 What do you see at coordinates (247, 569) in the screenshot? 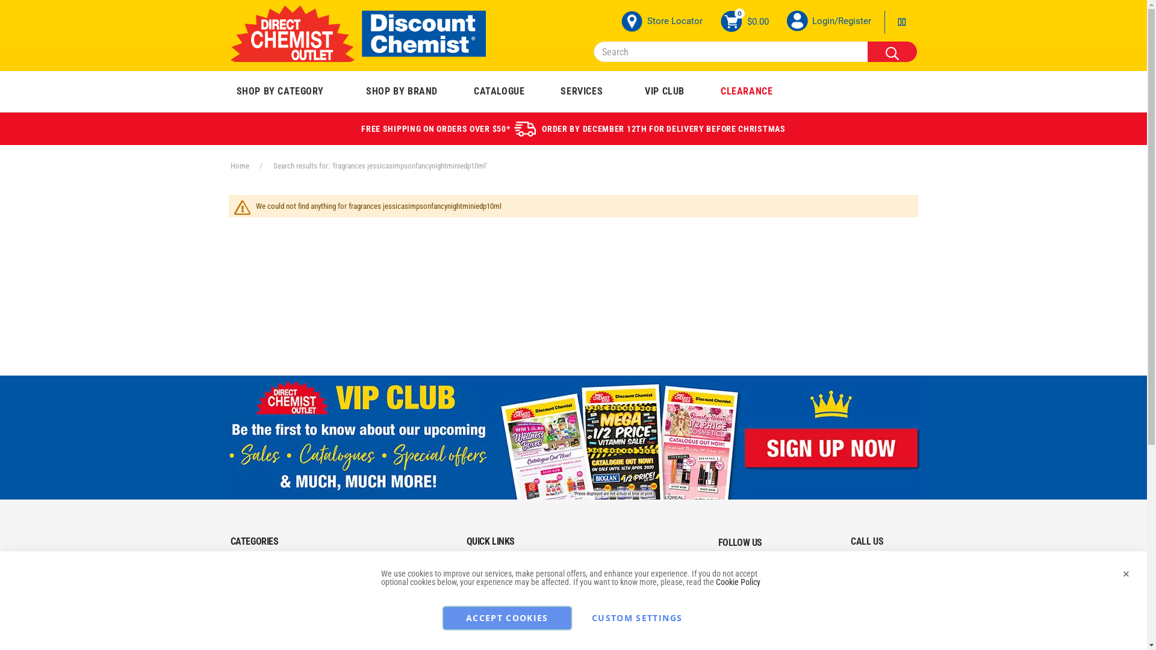
I see `'Medicines'` at bounding box center [247, 569].